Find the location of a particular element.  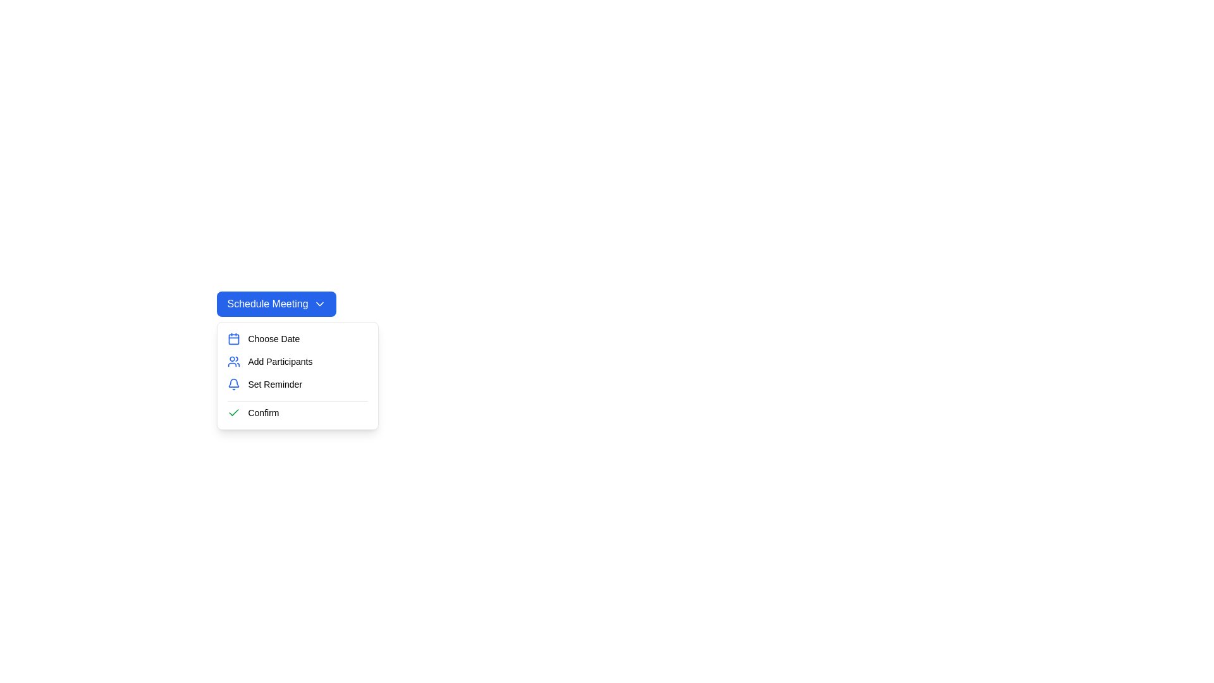

the decorative rectangle that visually represents the background of the 'Choose Date' calendar icon in the dropdown menu is located at coordinates (234, 338).